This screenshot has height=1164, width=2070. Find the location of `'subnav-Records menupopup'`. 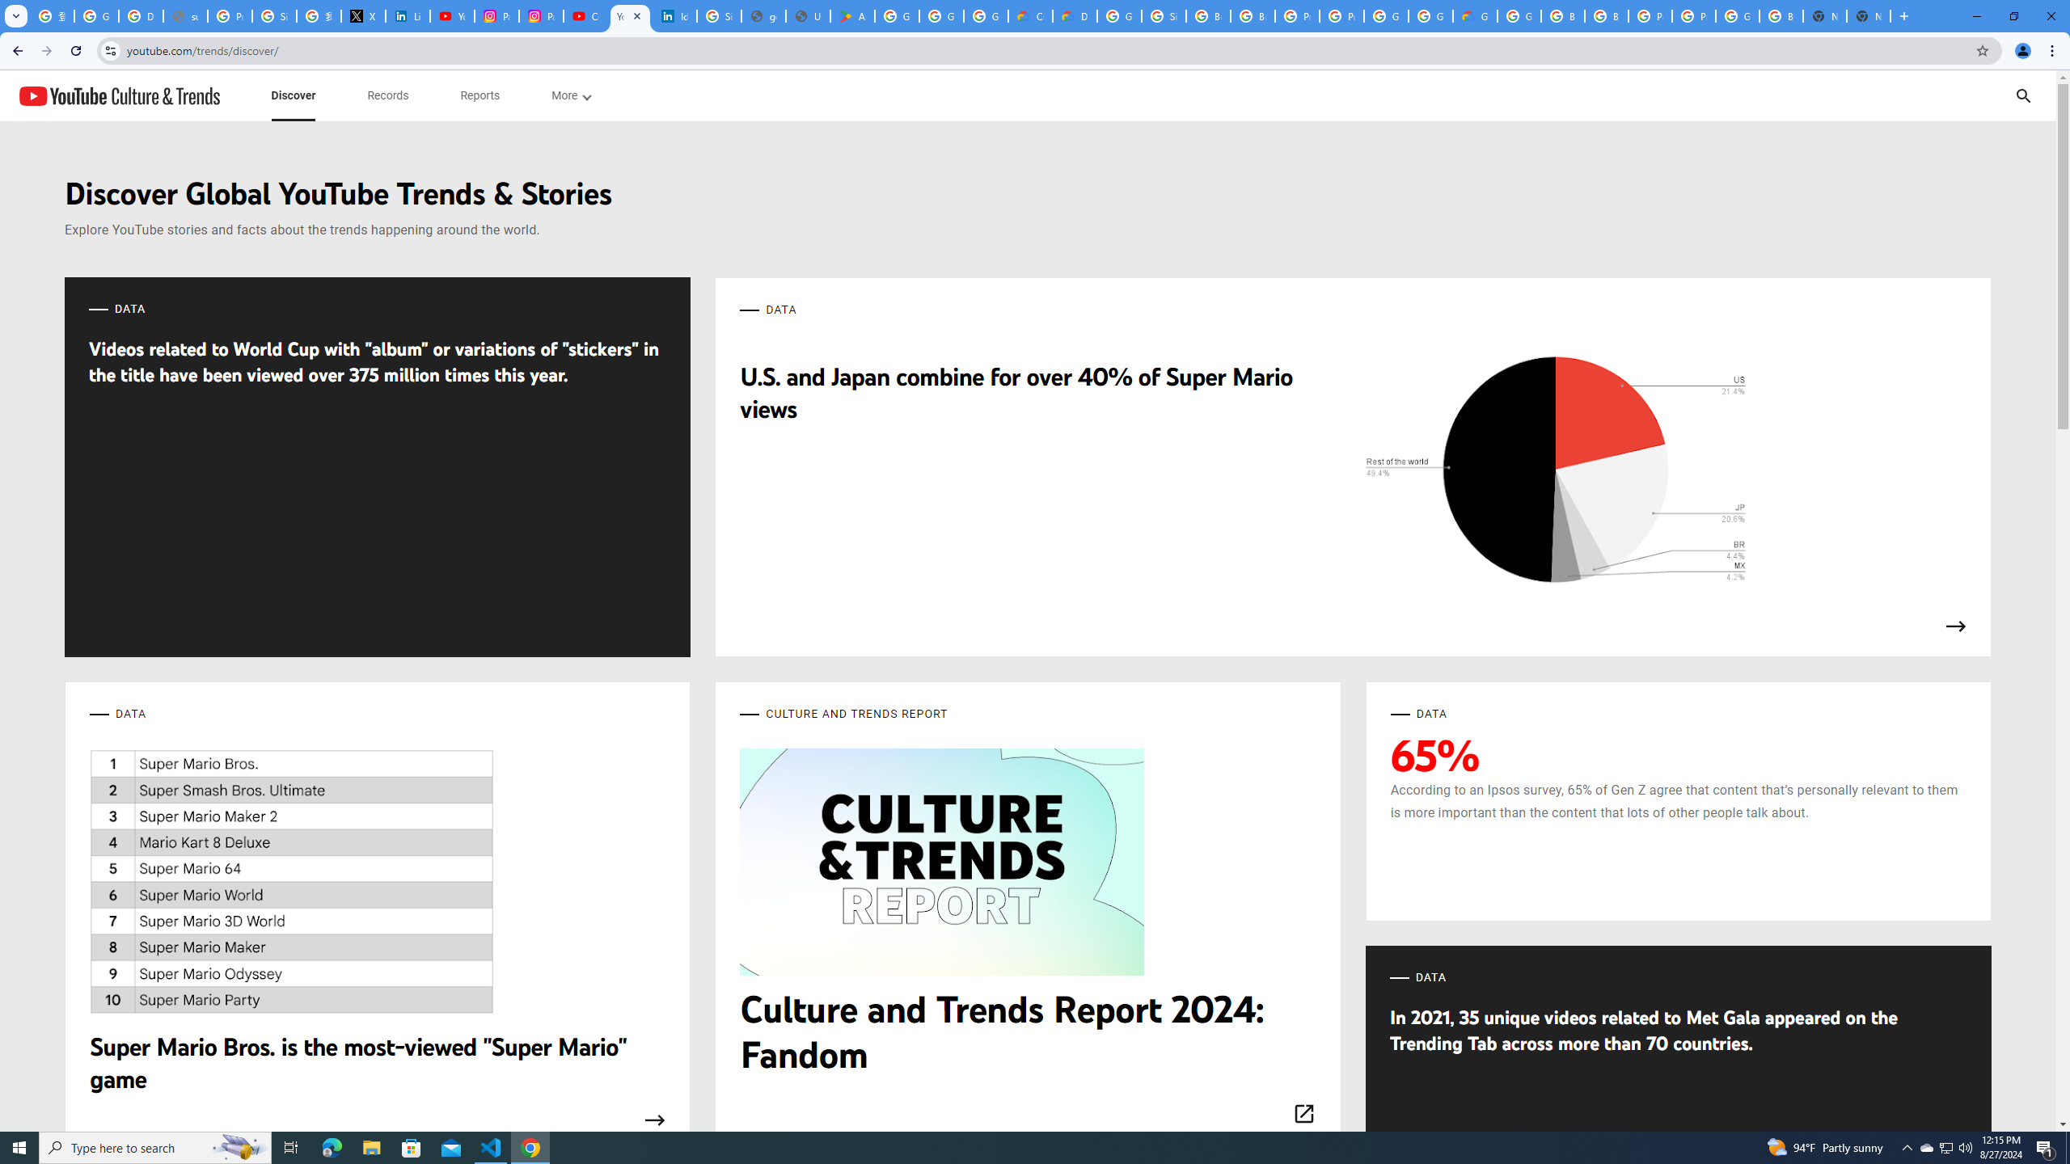

'subnav-Records menupopup' is located at coordinates (388, 95).